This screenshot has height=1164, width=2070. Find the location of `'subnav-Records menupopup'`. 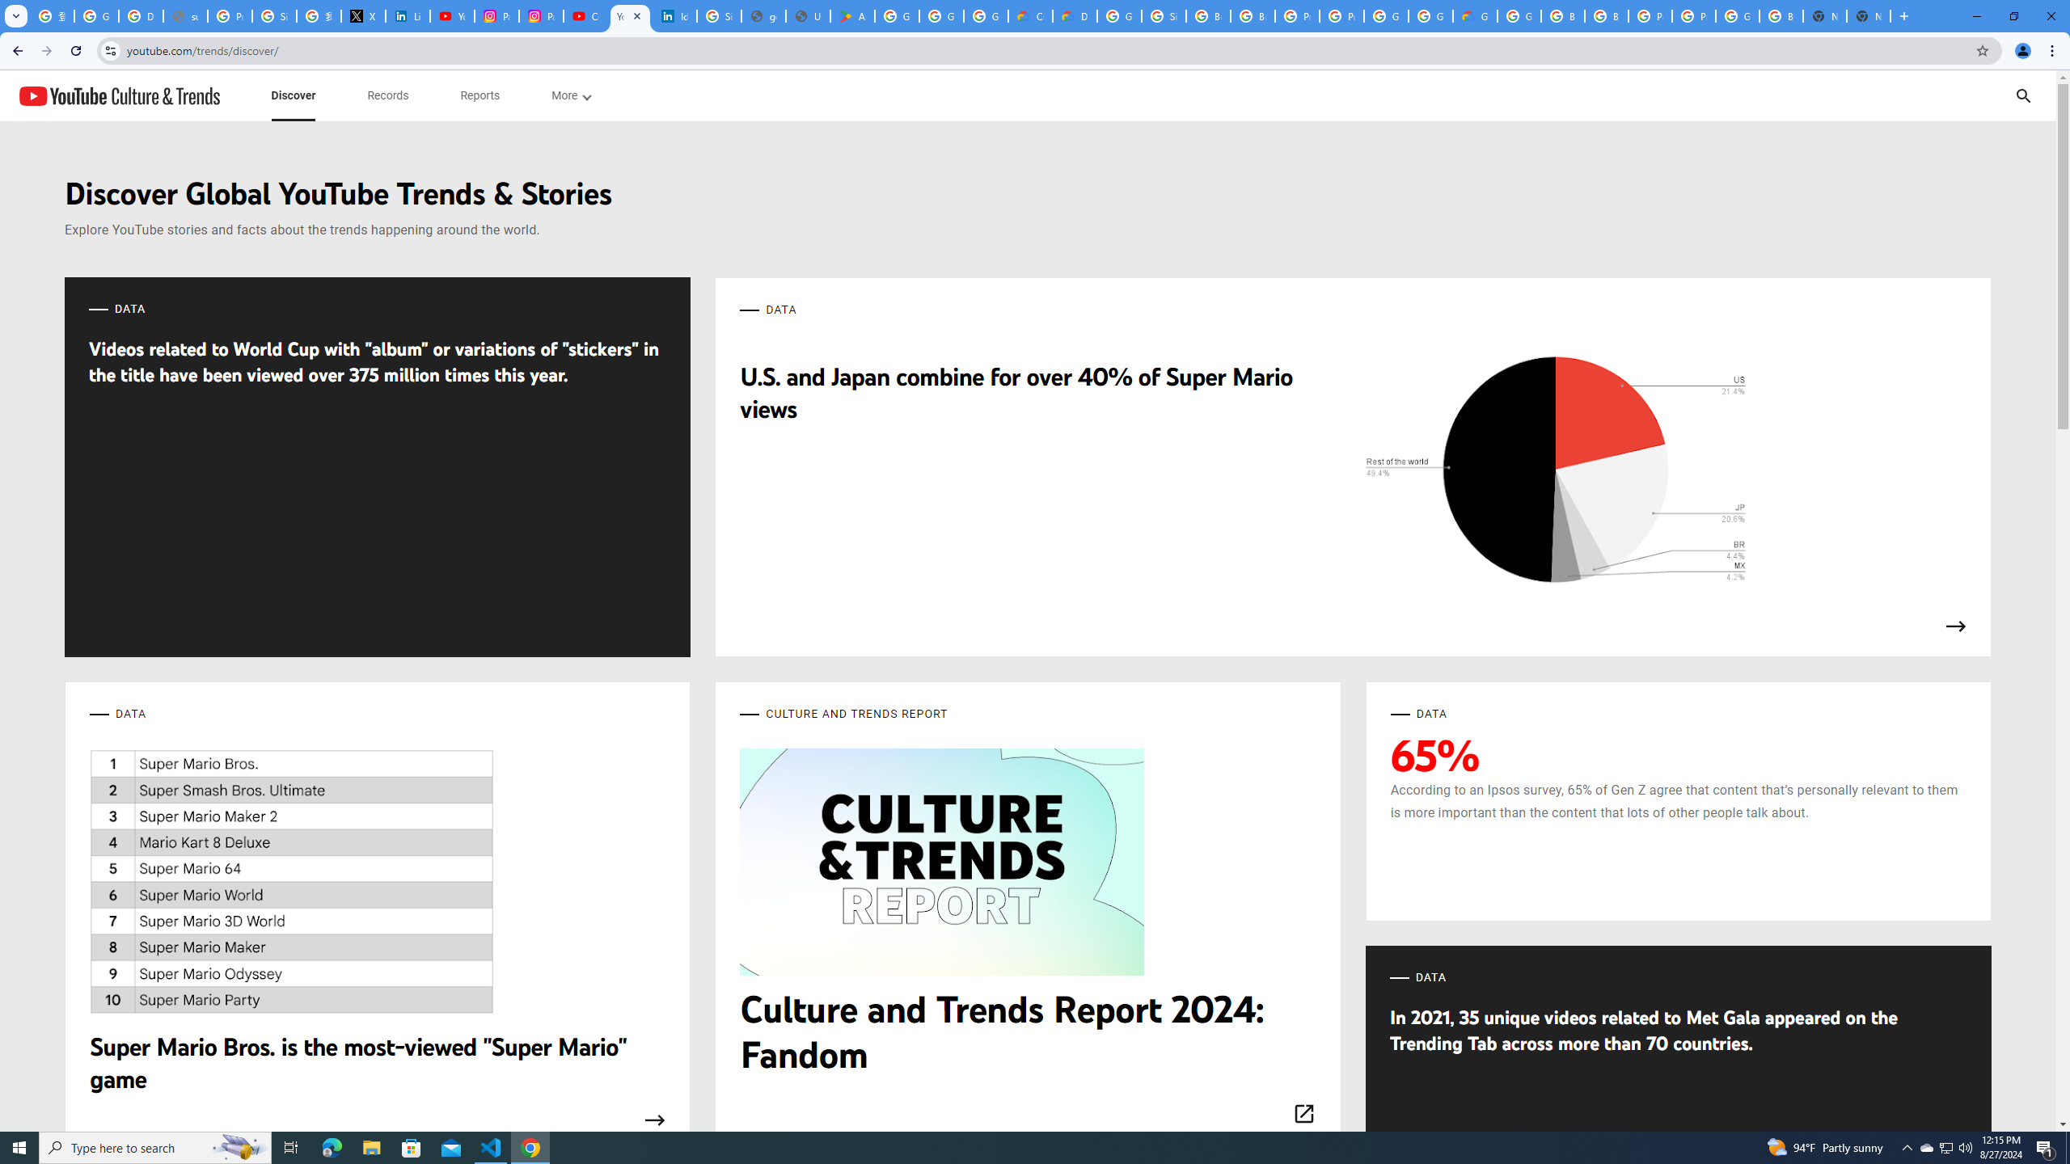

'subnav-Records menupopup' is located at coordinates (388, 95).